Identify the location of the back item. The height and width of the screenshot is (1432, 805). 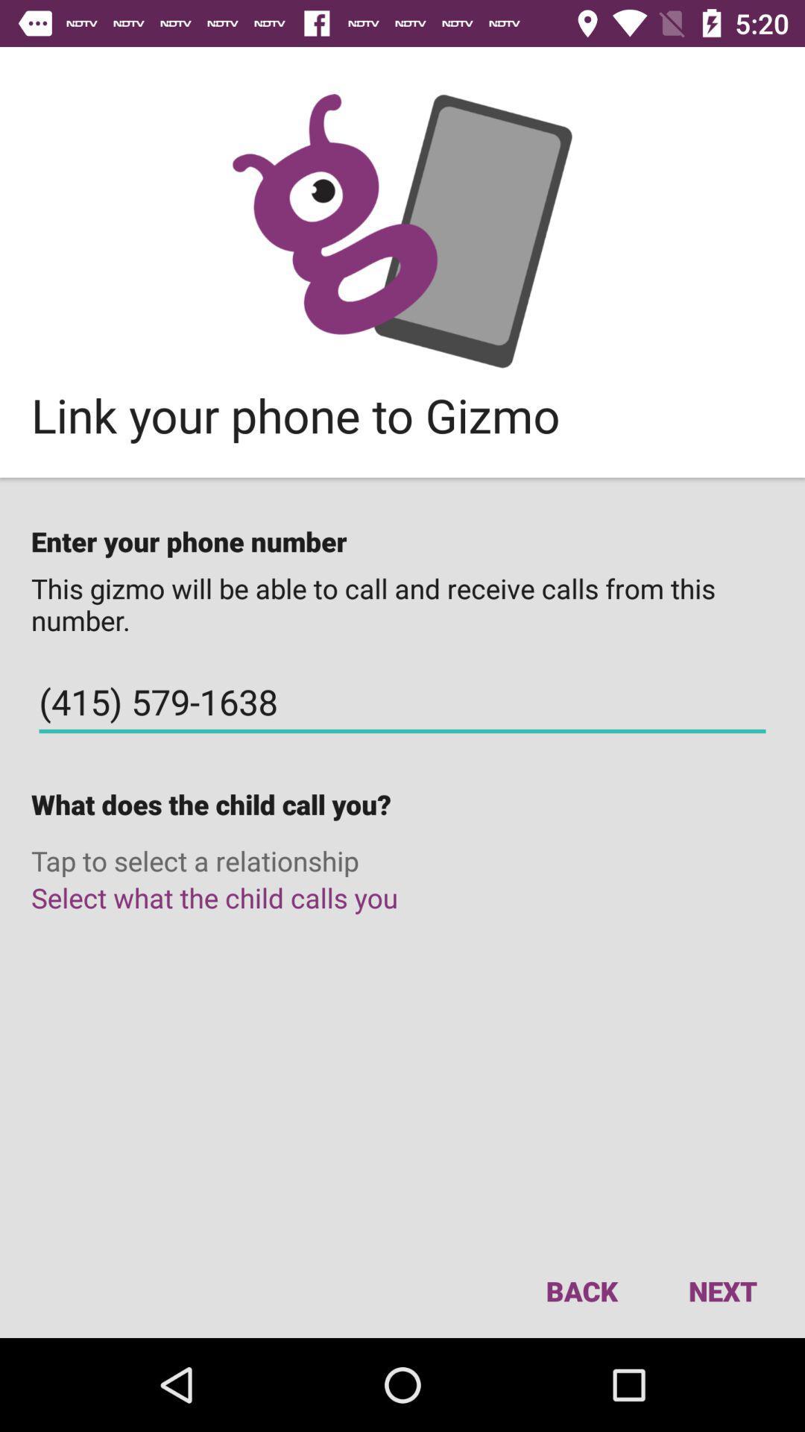
(581, 1290).